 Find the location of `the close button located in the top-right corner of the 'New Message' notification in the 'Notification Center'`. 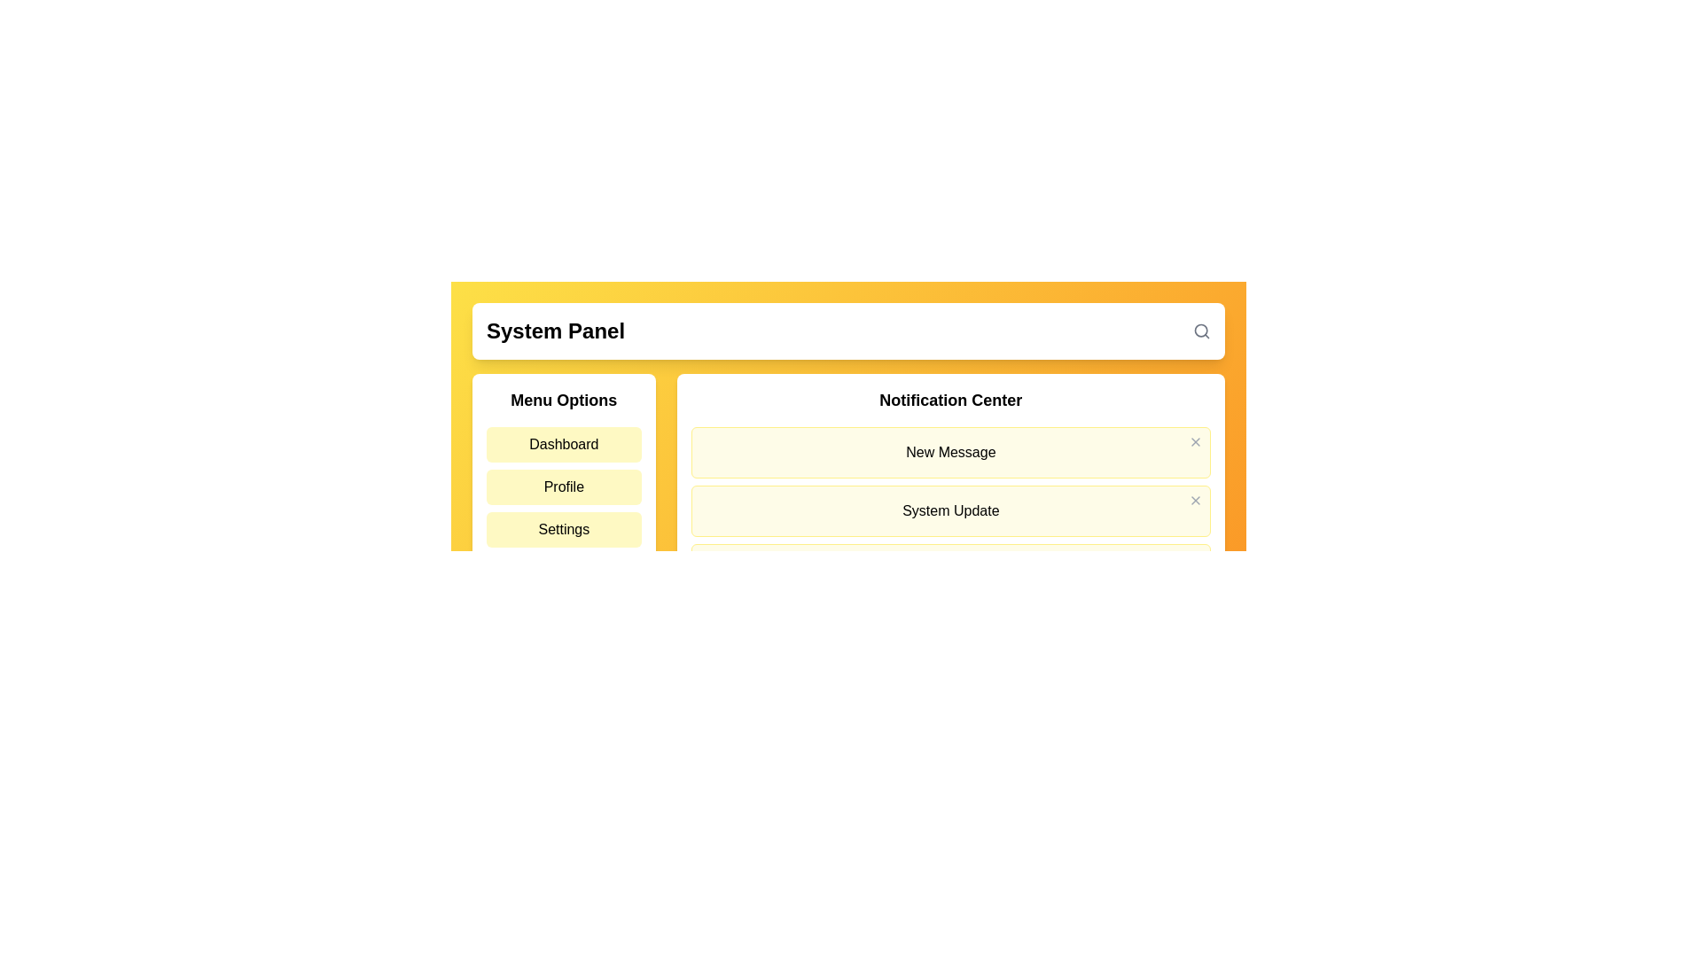

the close button located in the top-right corner of the 'New Message' notification in the 'Notification Center' is located at coordinates (1195, 440).